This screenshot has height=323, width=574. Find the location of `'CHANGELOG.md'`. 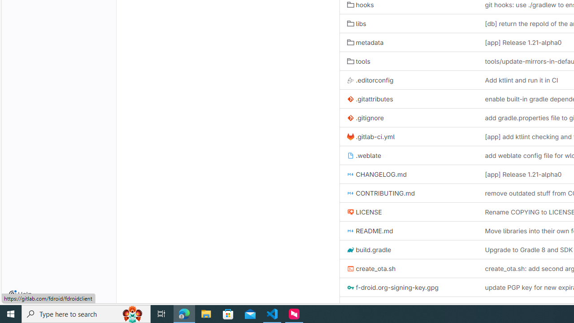

'CHANGELOG.md' is located at coordinates (377, 175).